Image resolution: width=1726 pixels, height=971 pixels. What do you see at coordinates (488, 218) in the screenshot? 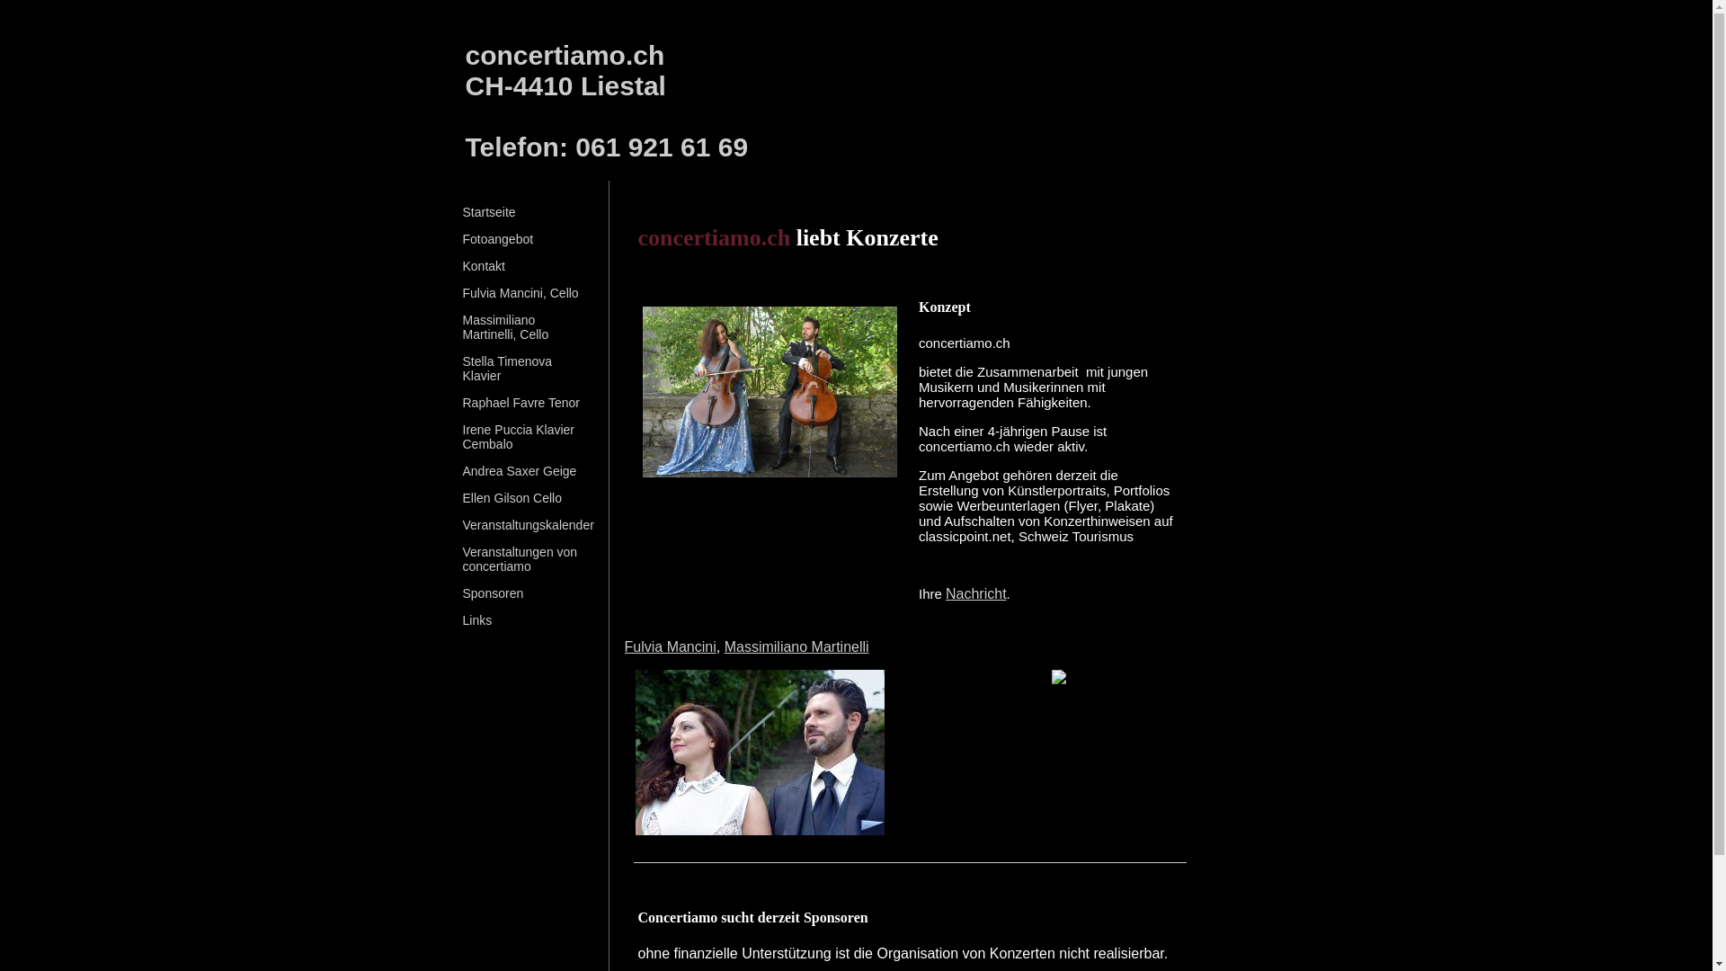
I see `'Startseite'` at bounding box center [488, 218].